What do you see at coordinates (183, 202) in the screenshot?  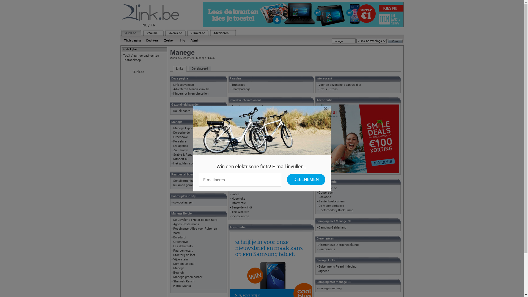 I see `'cowboylaarzen'` at bounding box center [183, 202].